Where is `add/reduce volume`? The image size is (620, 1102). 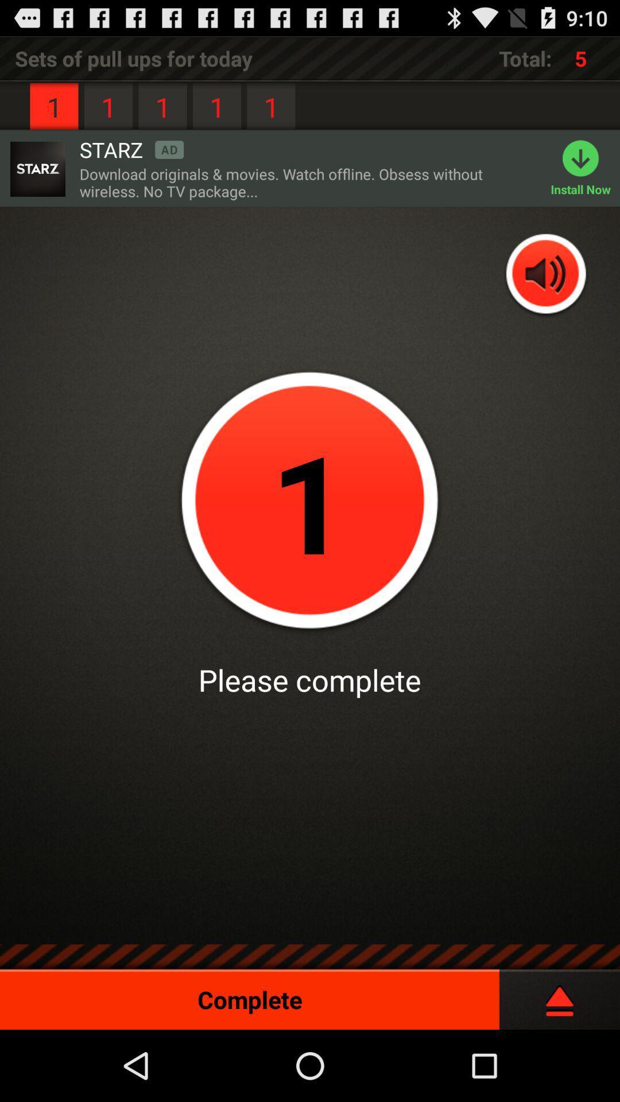 add/reduce volume is located at coordinates (546, 274).